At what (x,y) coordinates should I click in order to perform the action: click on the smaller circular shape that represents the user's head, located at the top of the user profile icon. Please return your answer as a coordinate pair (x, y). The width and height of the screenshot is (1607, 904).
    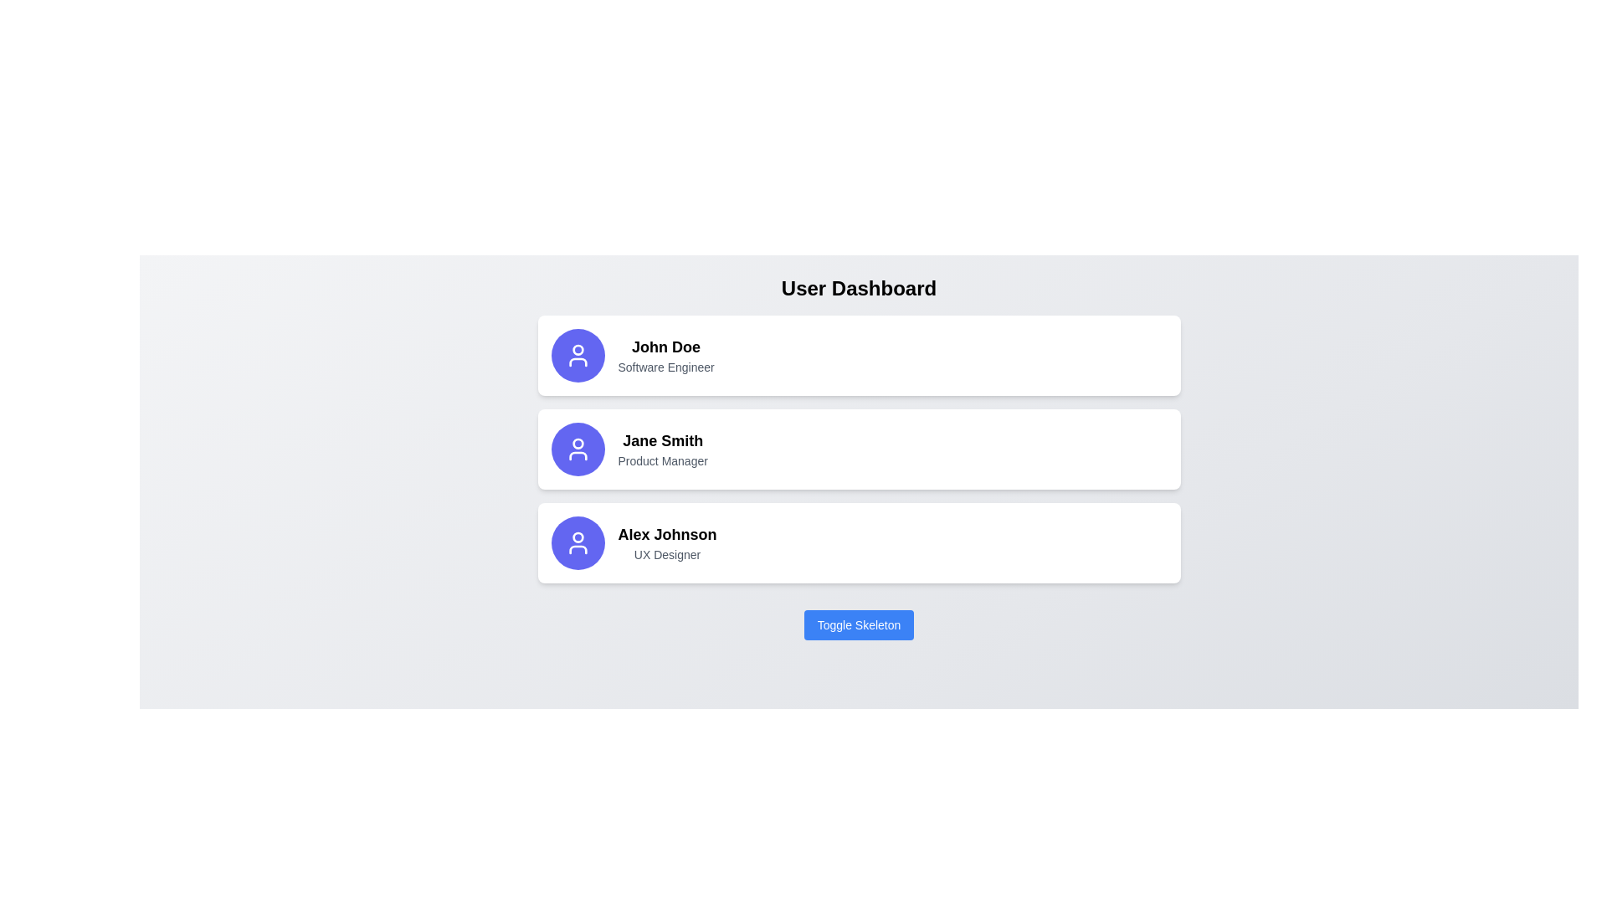
    Looking at the image, I should click on (578, 537).